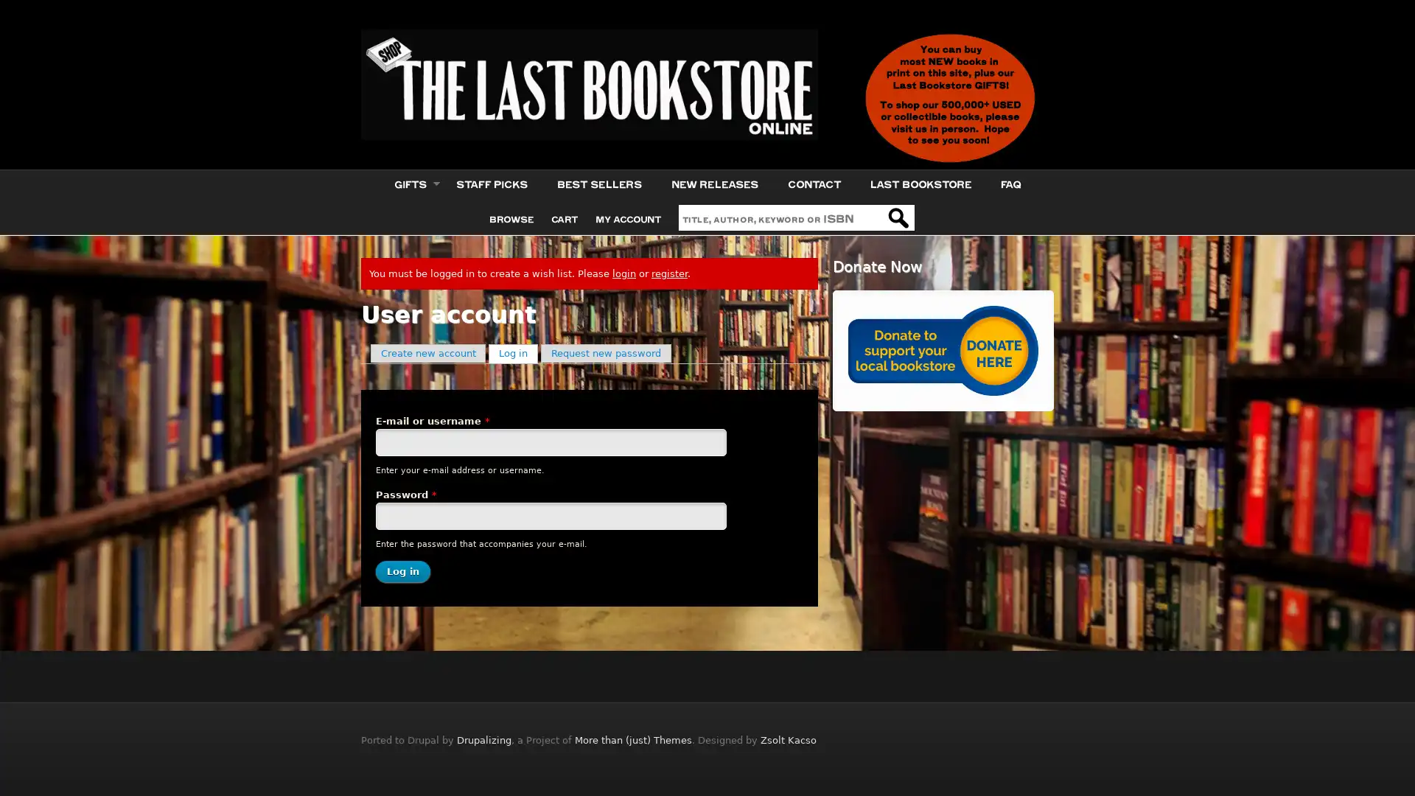 This screenshot has width=1415, height=796. I want to click on Log in, so click(403, 570).